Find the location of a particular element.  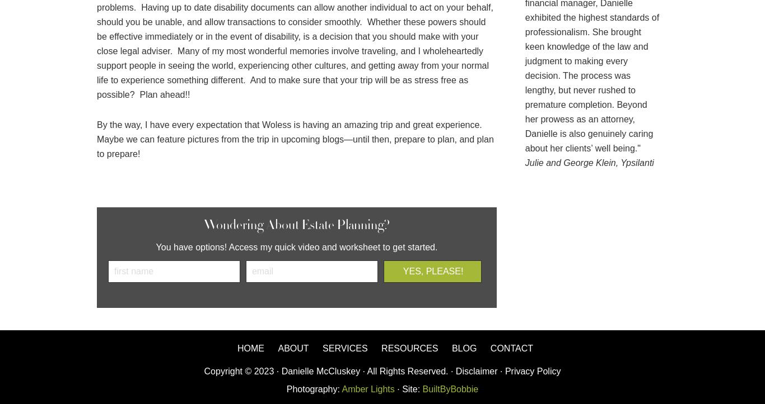

'BuiltByBobbie' is located at coordinates (448, 388).